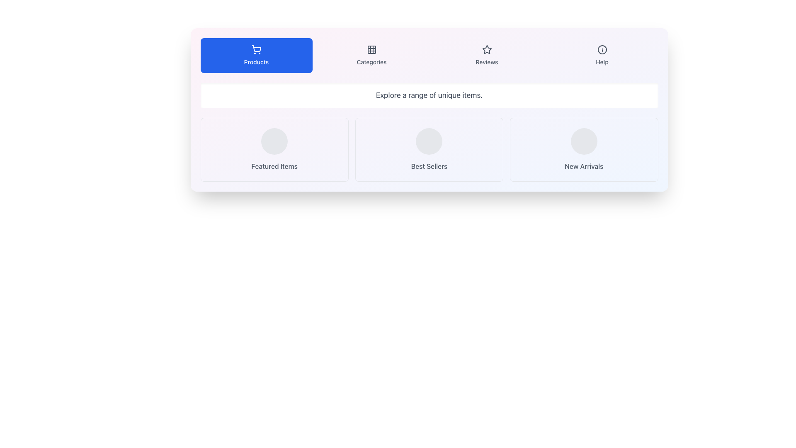 This screenshot has height=448, width=796. What do you see at coordinates (371, 49) in the screenshot?
I see `the top-left square of the 3x3 grid icon, which is positioned to the right of the 'Products' section and above the textual content in the title bar` at bounding box center [371, 49].